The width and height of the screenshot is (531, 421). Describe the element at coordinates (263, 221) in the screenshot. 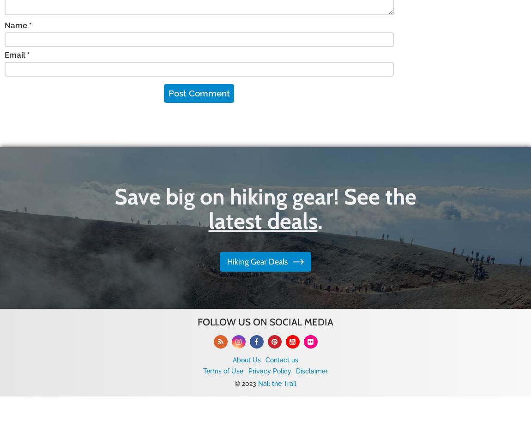

I see `'latest deals'` at that location.